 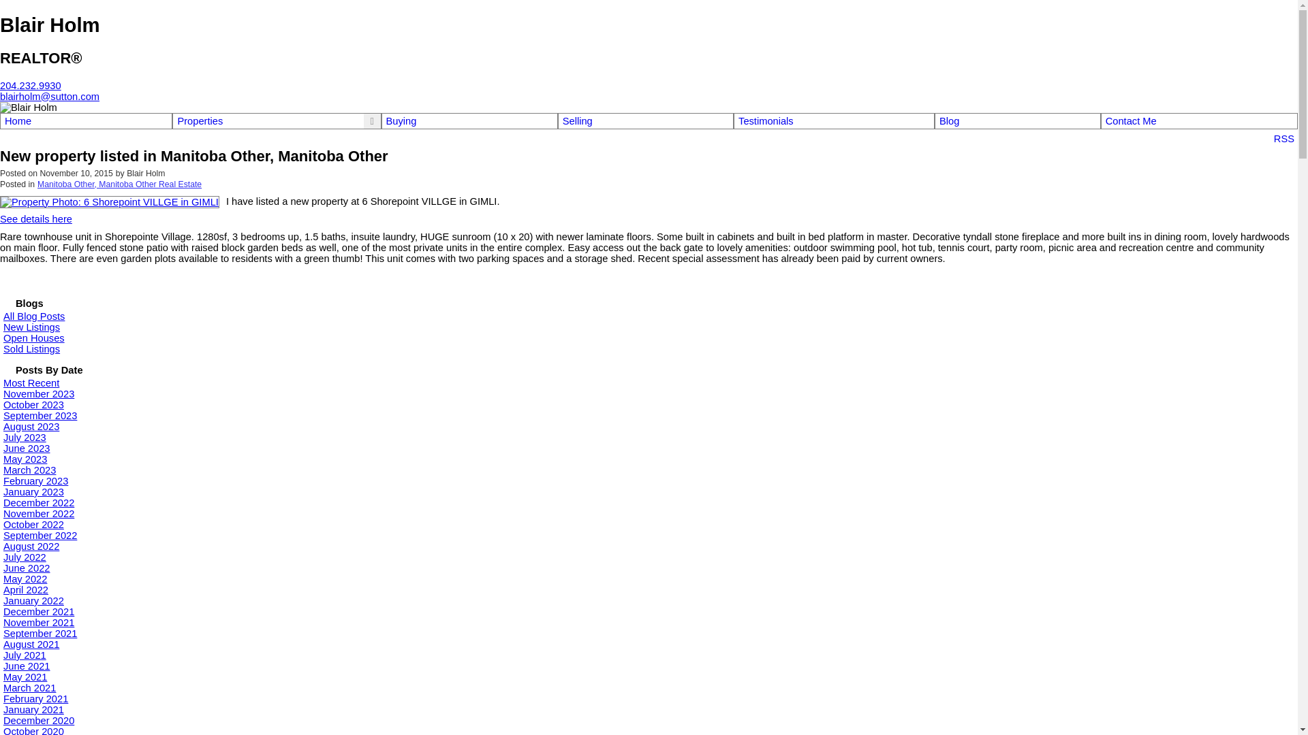 I want to click on 'See details here', so click(x=35, y=218).